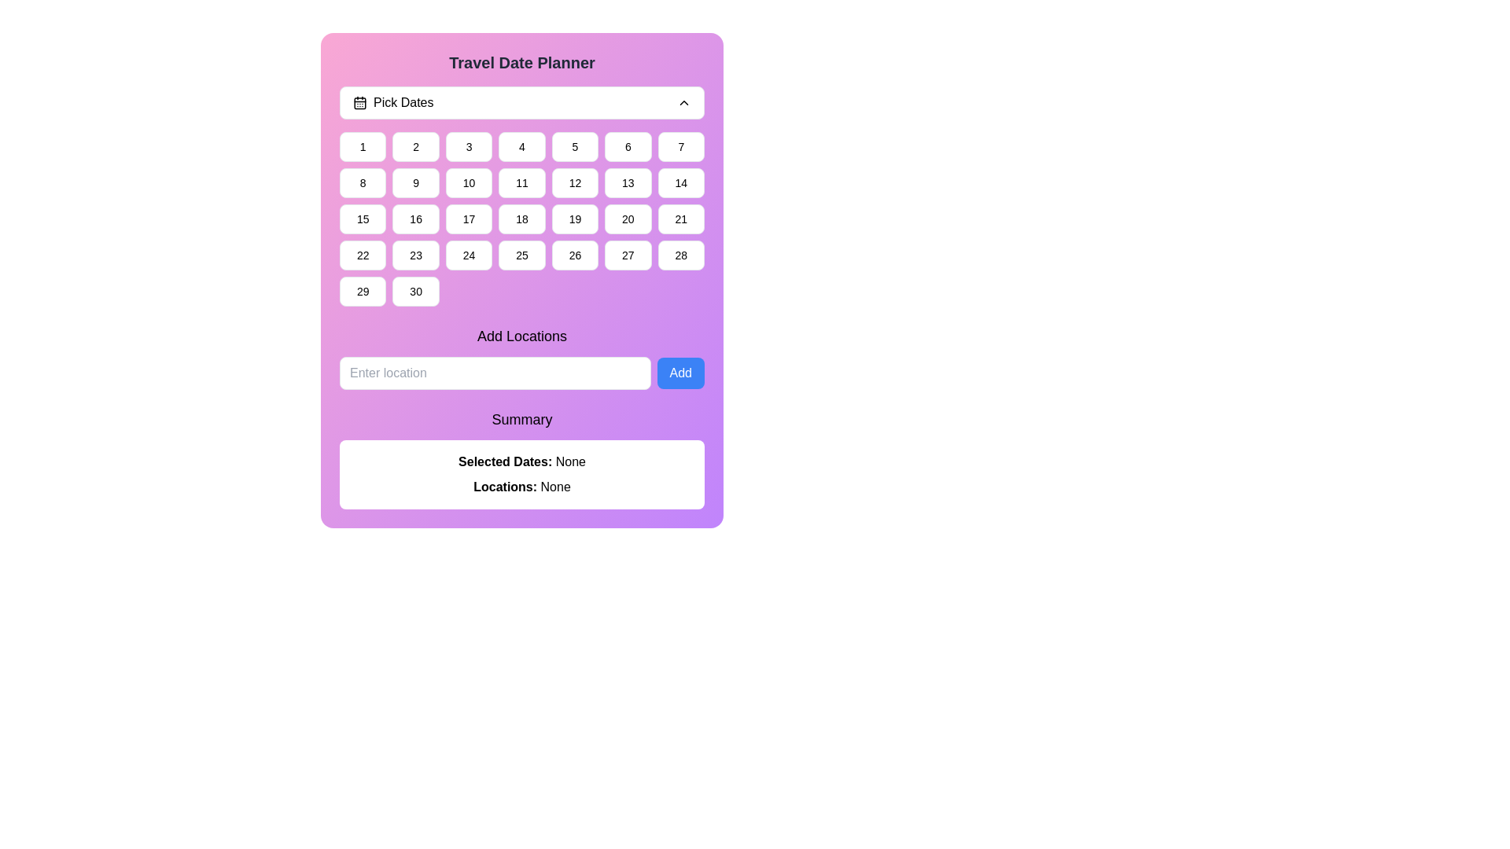  I want to click on the button displaying the number '4' in bold black font, located in the first row of buttons below the title 'Travel Date Planner', so click(521, 146).